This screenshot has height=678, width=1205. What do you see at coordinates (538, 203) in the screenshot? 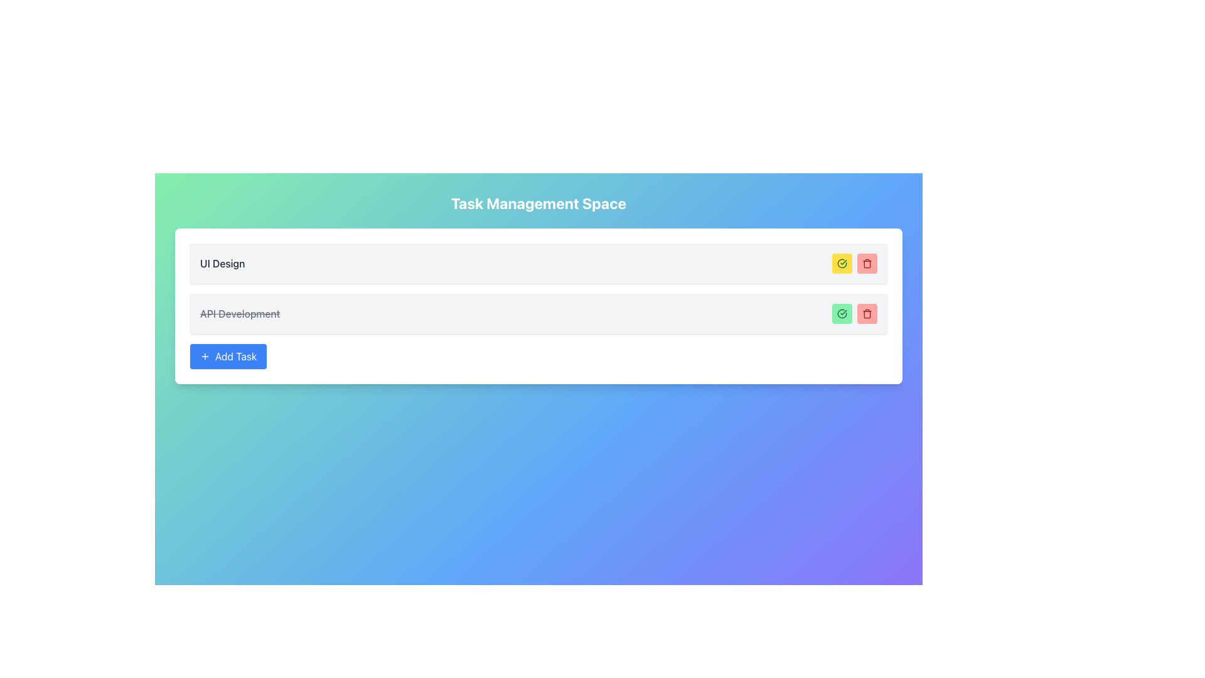
I see `the text label that serves as a descriptive title or header for the interface, located centrally at the top of the page` at bounding box center [538, 203].